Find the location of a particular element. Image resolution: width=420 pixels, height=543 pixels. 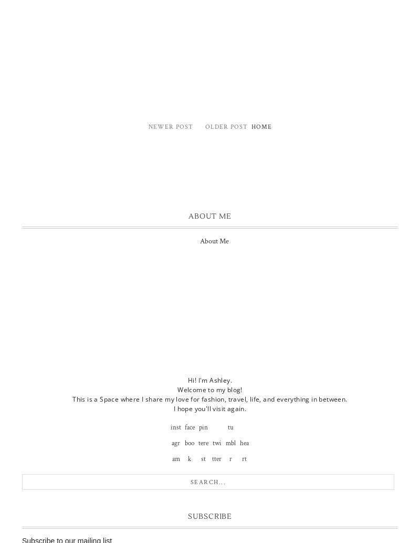

'heart' is located at coordinates (243, 450).